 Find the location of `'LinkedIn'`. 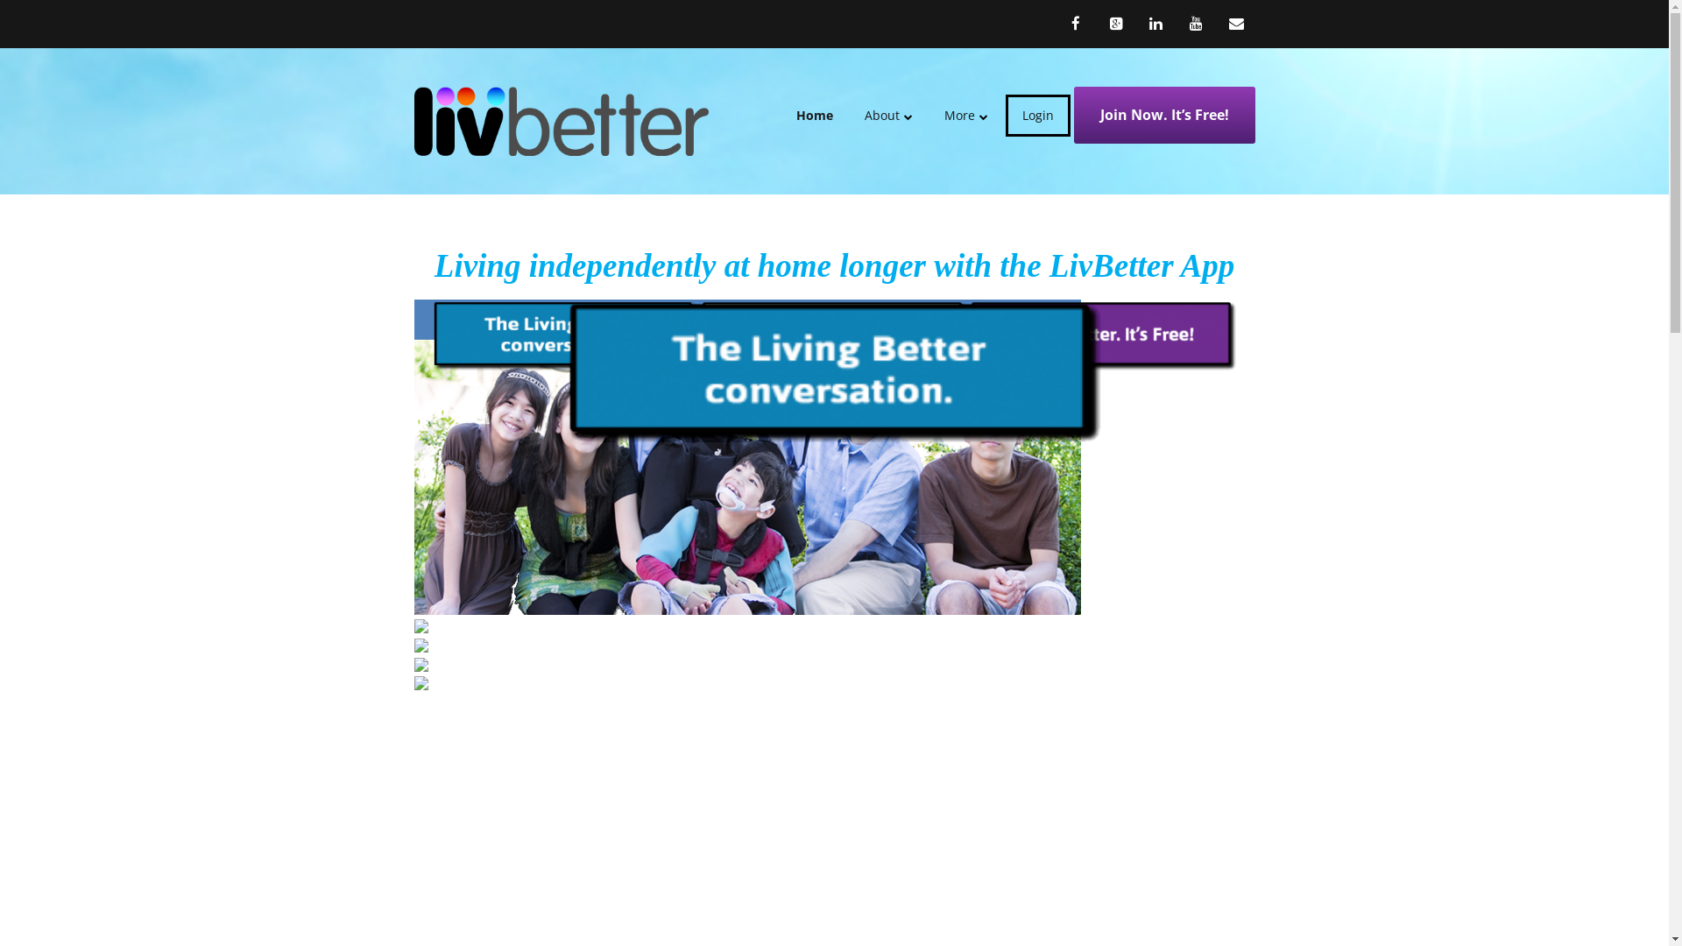

'LinkedIn' is located at coordinates (1156, 24).